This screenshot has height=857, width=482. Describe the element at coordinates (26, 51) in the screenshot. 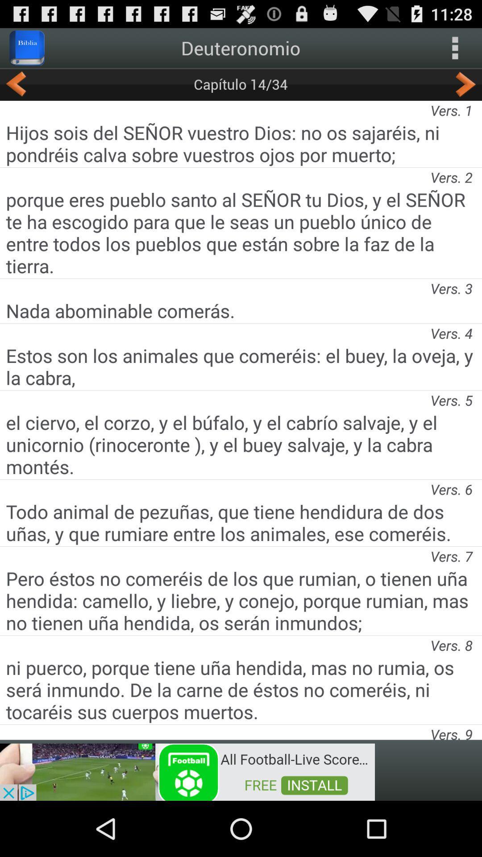

I see `the book icon` at that location.